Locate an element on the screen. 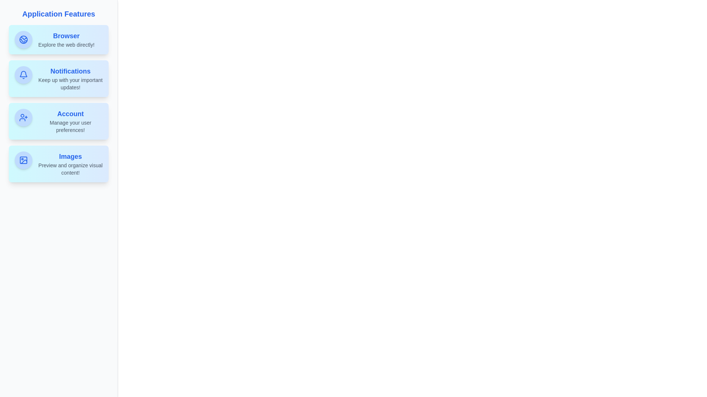 Image resolution: width=707 pixels, height=397 pixels. the Account feature tile to view its hover effect is located at coordinates (58, 121).